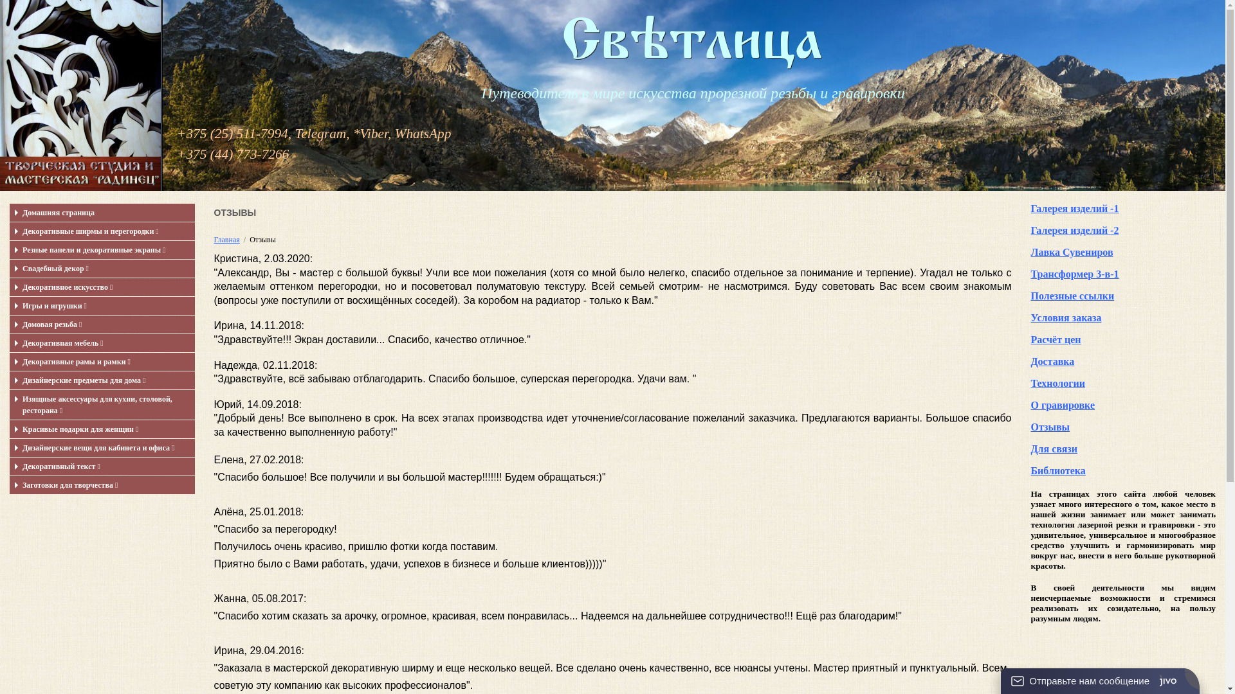 Image resolution: width=1235 pixels, height=694 pixels. What do you see at coordinates (373, 134) in the screenshot?
I see `'Viber'` at bounding box center [373, 134].